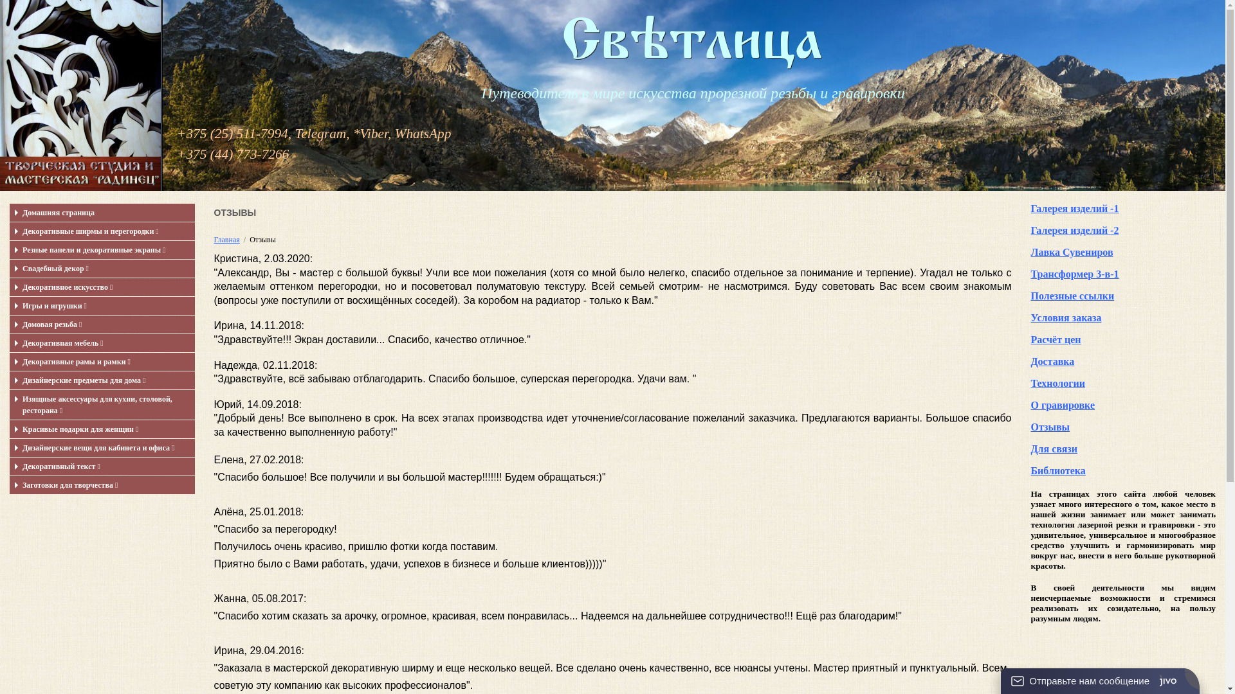 Image resolution: width=1235 pixels, height=694 pixels. What do you see at coordinates (373, 134) in the screenshot?
I see `'Viber'` at bounding box center [373, 134].